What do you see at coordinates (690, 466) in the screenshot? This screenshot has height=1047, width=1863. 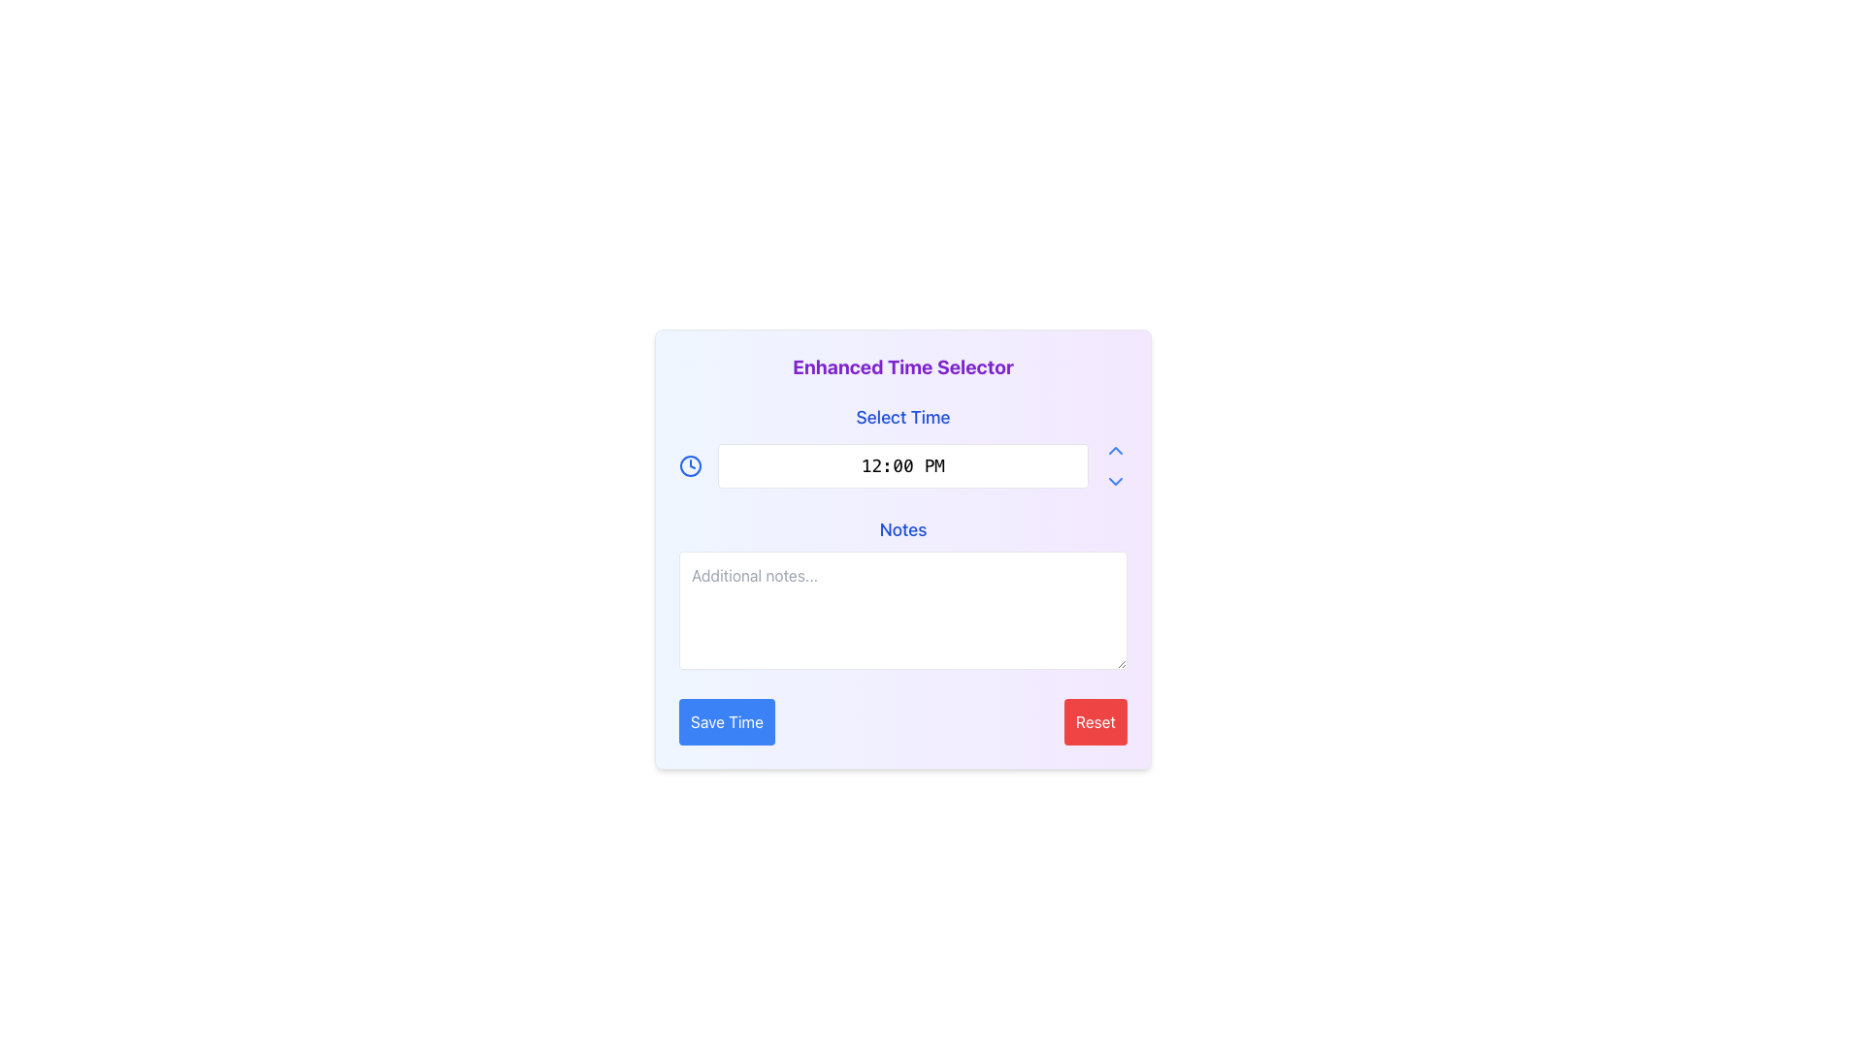 I see `the small clock icon with a blue outline and white background located in the top-left corner of the horizontal group aligned with the time input field` at bounding box center [690, 466].